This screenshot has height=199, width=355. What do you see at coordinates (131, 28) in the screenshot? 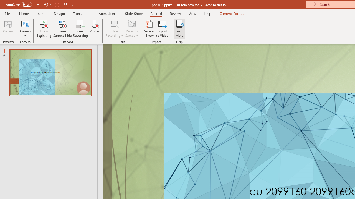
I see `'Reset to Cameo'` at bounding box center [131, 28].